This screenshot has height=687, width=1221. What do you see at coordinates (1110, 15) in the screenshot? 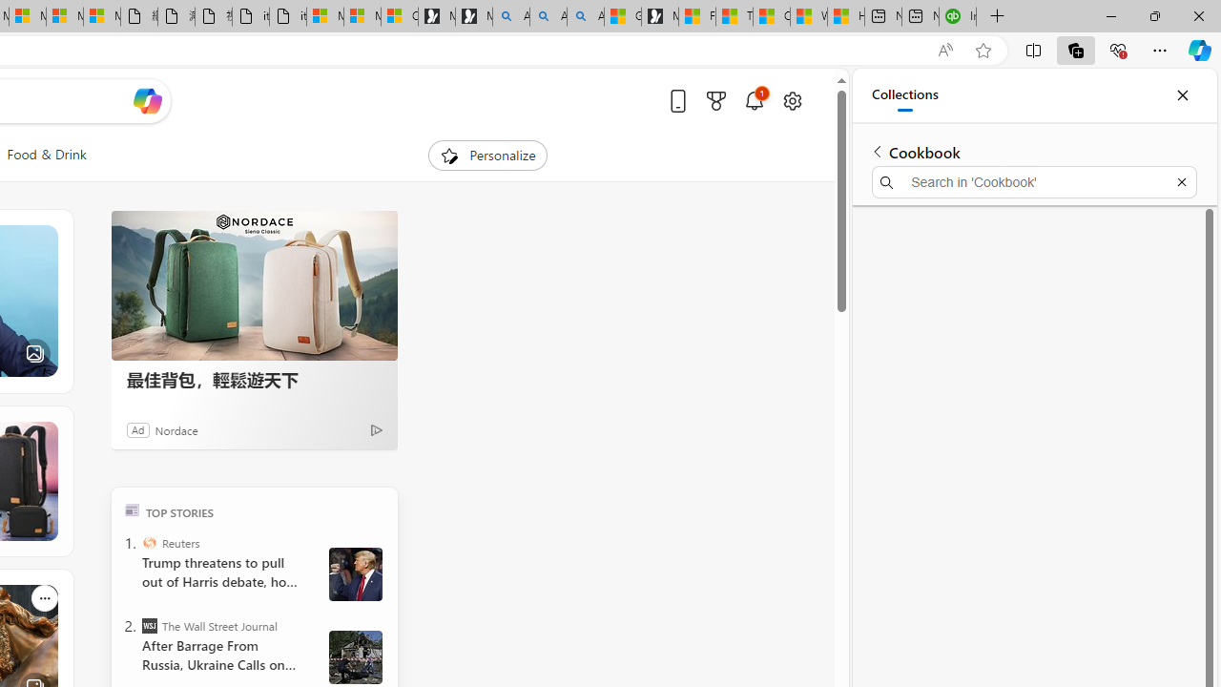
I see `'Minimize'` at bounding box center [1110, 15].